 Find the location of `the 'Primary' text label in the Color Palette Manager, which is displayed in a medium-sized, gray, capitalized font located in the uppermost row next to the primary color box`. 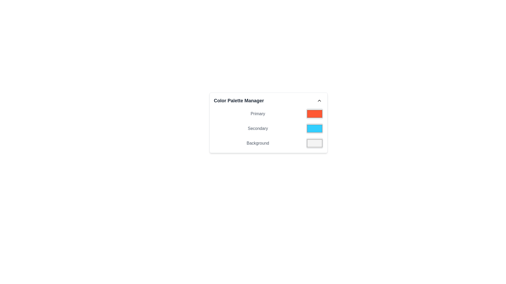

the 'Primary' text label in the Color Palette Manager, which is displayed in a medium-sized, gray, capitalized font located in the uppermost row next to the primary color box is located at coordinates (258, 113).